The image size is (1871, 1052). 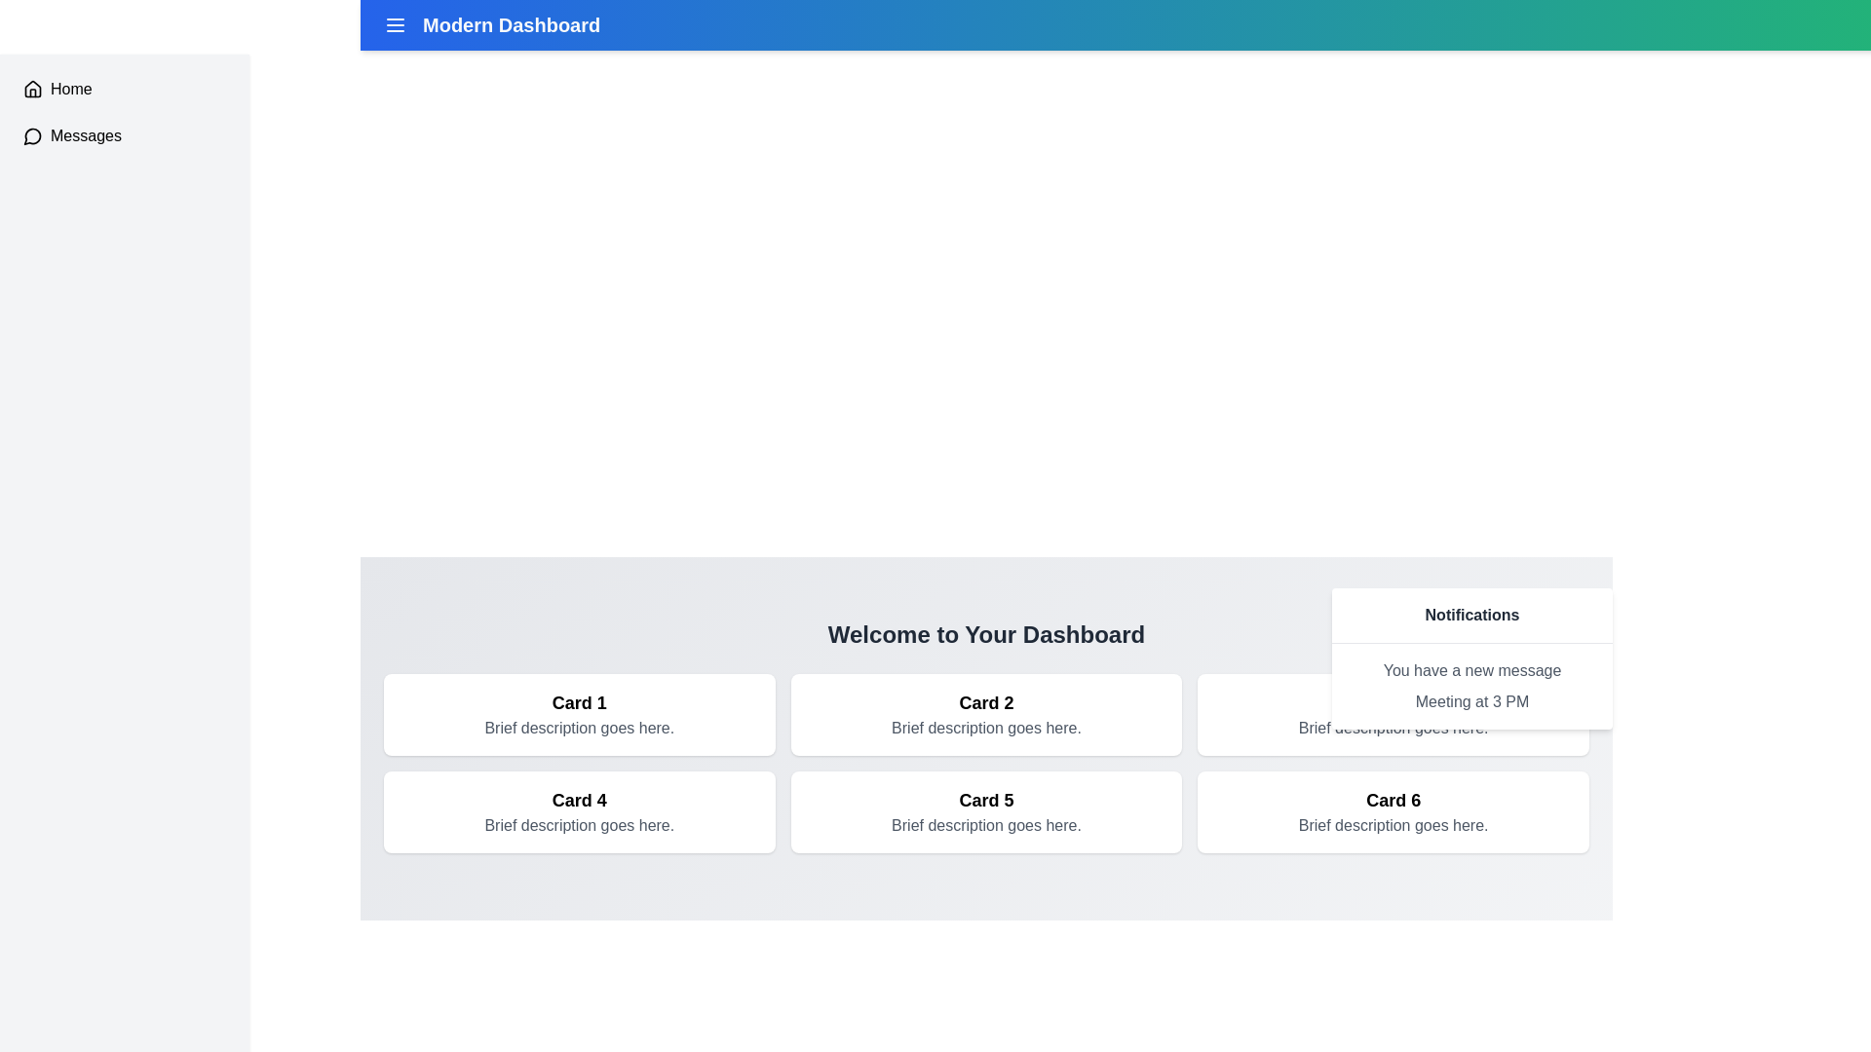 I want to click on the text label displaying 'Brief description goes here.' located within 'Card 4', so click(x=578, y=826).